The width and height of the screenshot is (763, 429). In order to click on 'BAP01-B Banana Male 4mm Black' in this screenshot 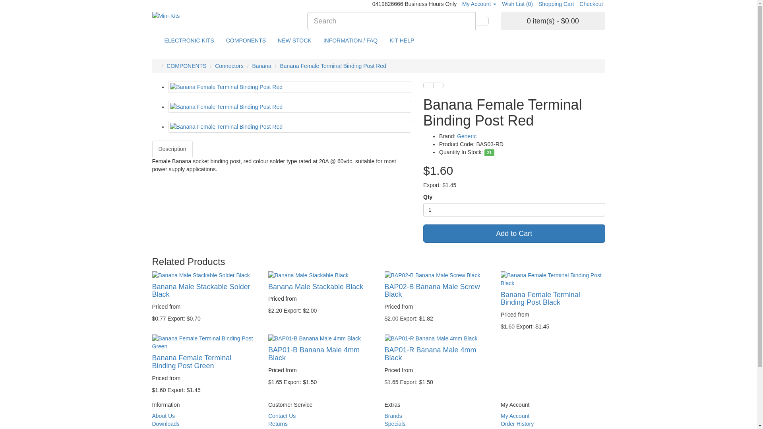, I will do `click(320, 338)`.